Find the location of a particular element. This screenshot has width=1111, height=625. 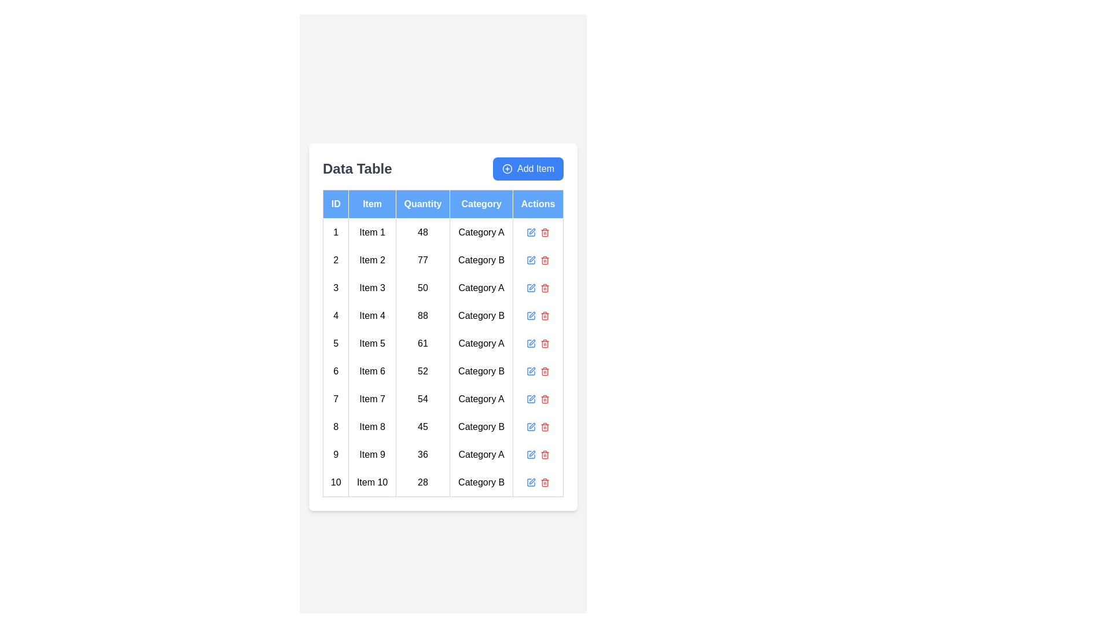

the static text element displaying the quantity value (77) for 'Item 2' in the third column of the second row in the table is located at coordinates (422, 259).